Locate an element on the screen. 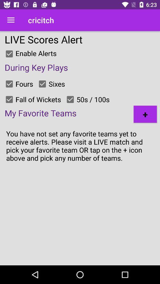  check option is located at coordinates (9, 83).